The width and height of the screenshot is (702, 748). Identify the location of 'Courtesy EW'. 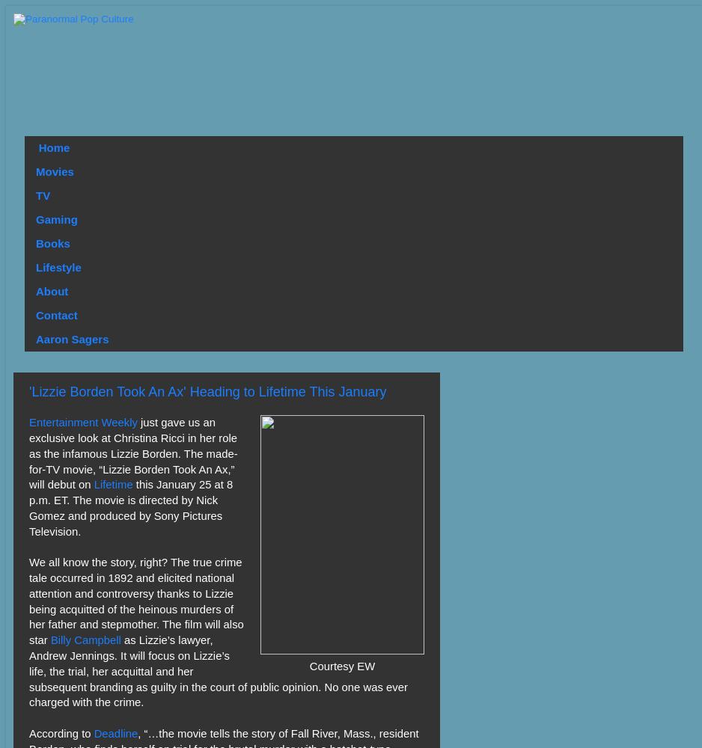
(341, 666).